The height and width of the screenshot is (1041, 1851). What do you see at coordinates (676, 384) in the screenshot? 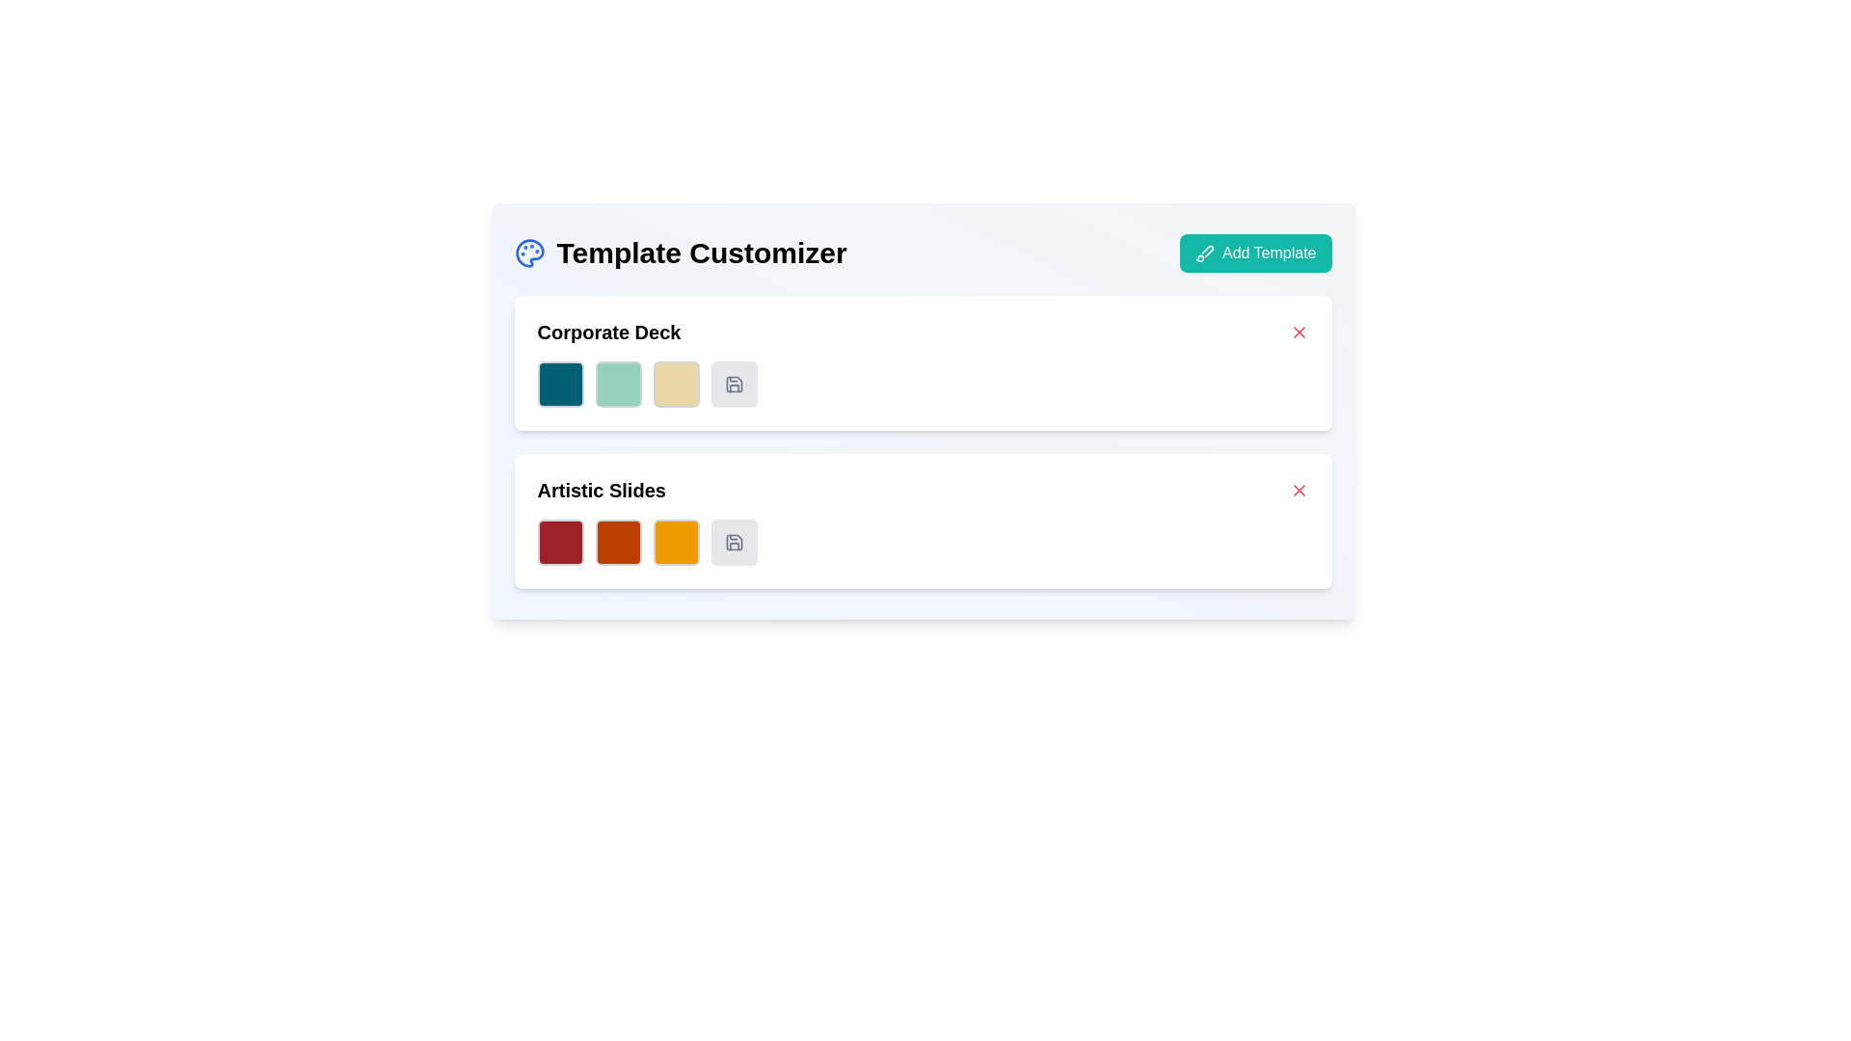
I see `the third decorative square color swatch in the 'Corporate Deck' section, which allows users to choose or view a color` at bounding box center [676, 384].